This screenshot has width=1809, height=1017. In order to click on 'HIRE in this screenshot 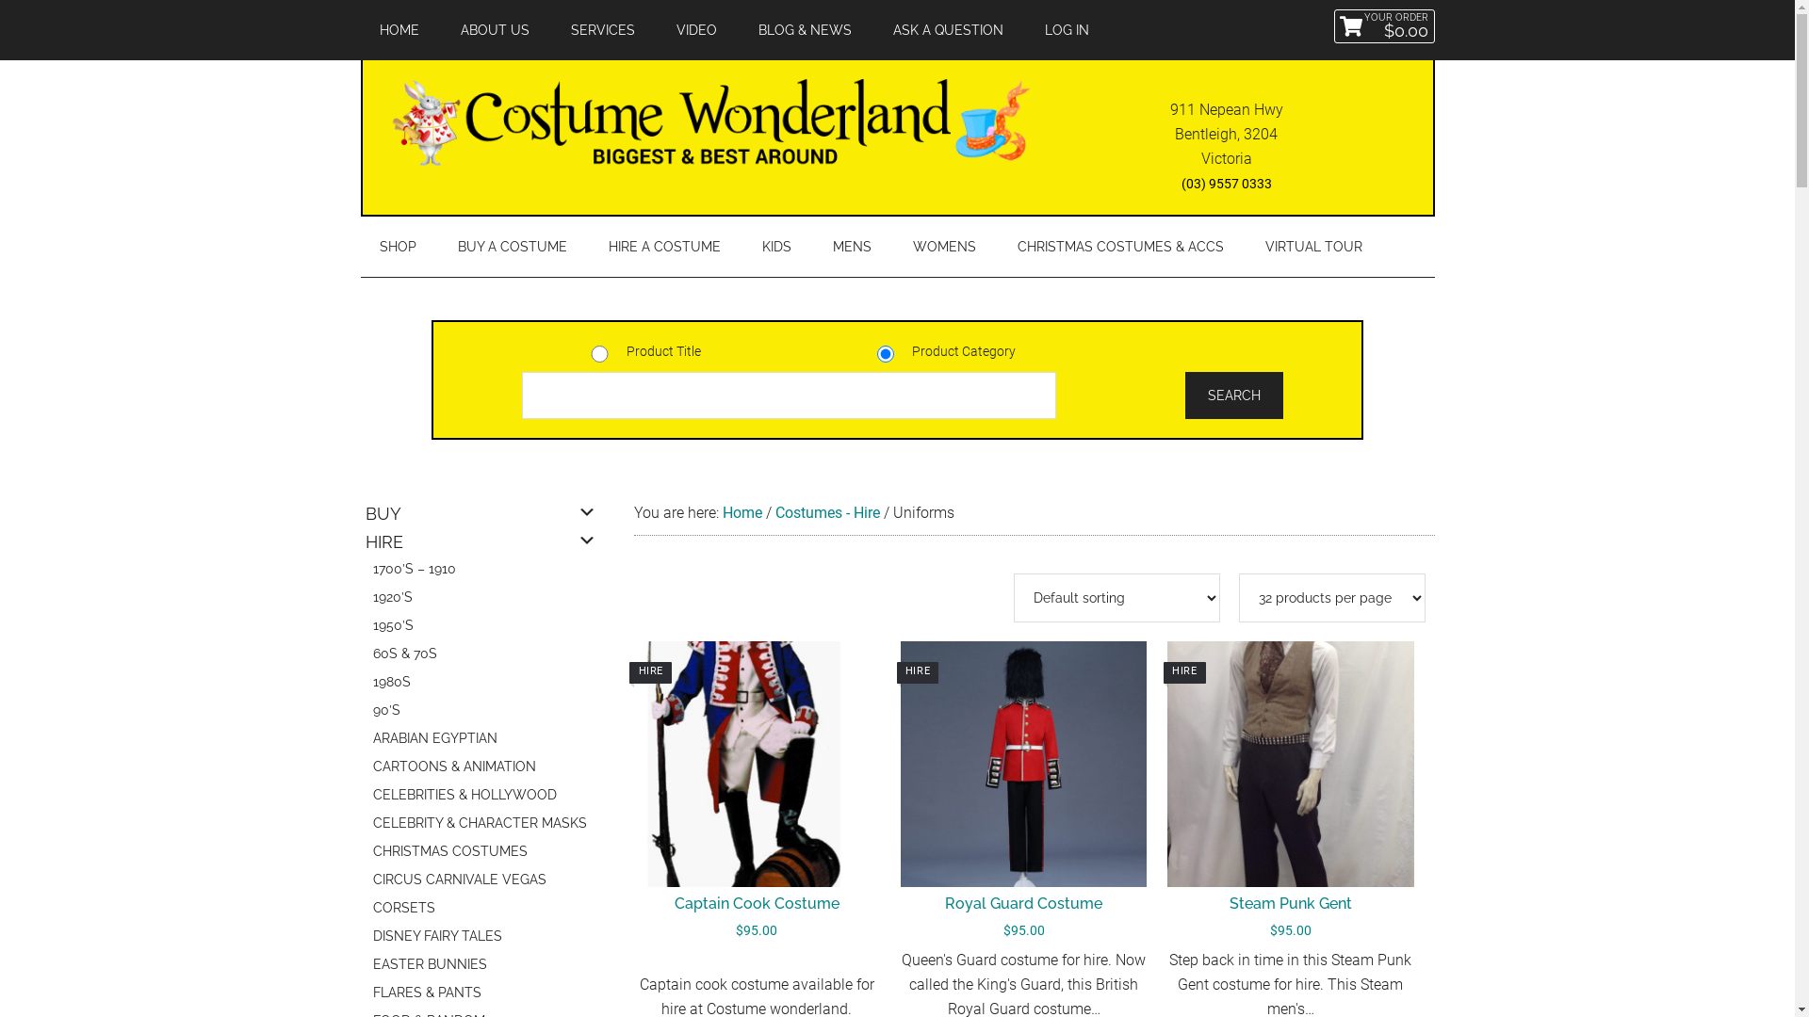, I will do `click(1289, 795)`.